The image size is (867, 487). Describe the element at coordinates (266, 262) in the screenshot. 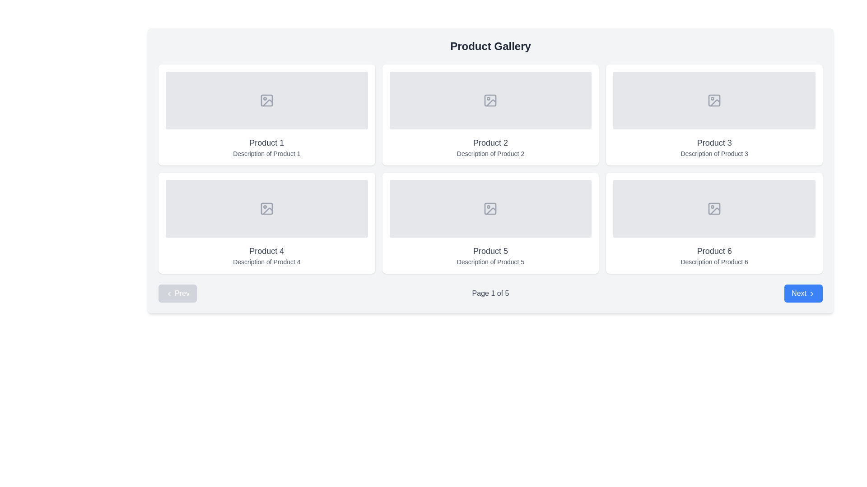

I see `the text label providing details about 'Product 4' located below the heading in the fourth card of the grid layout` at that location.